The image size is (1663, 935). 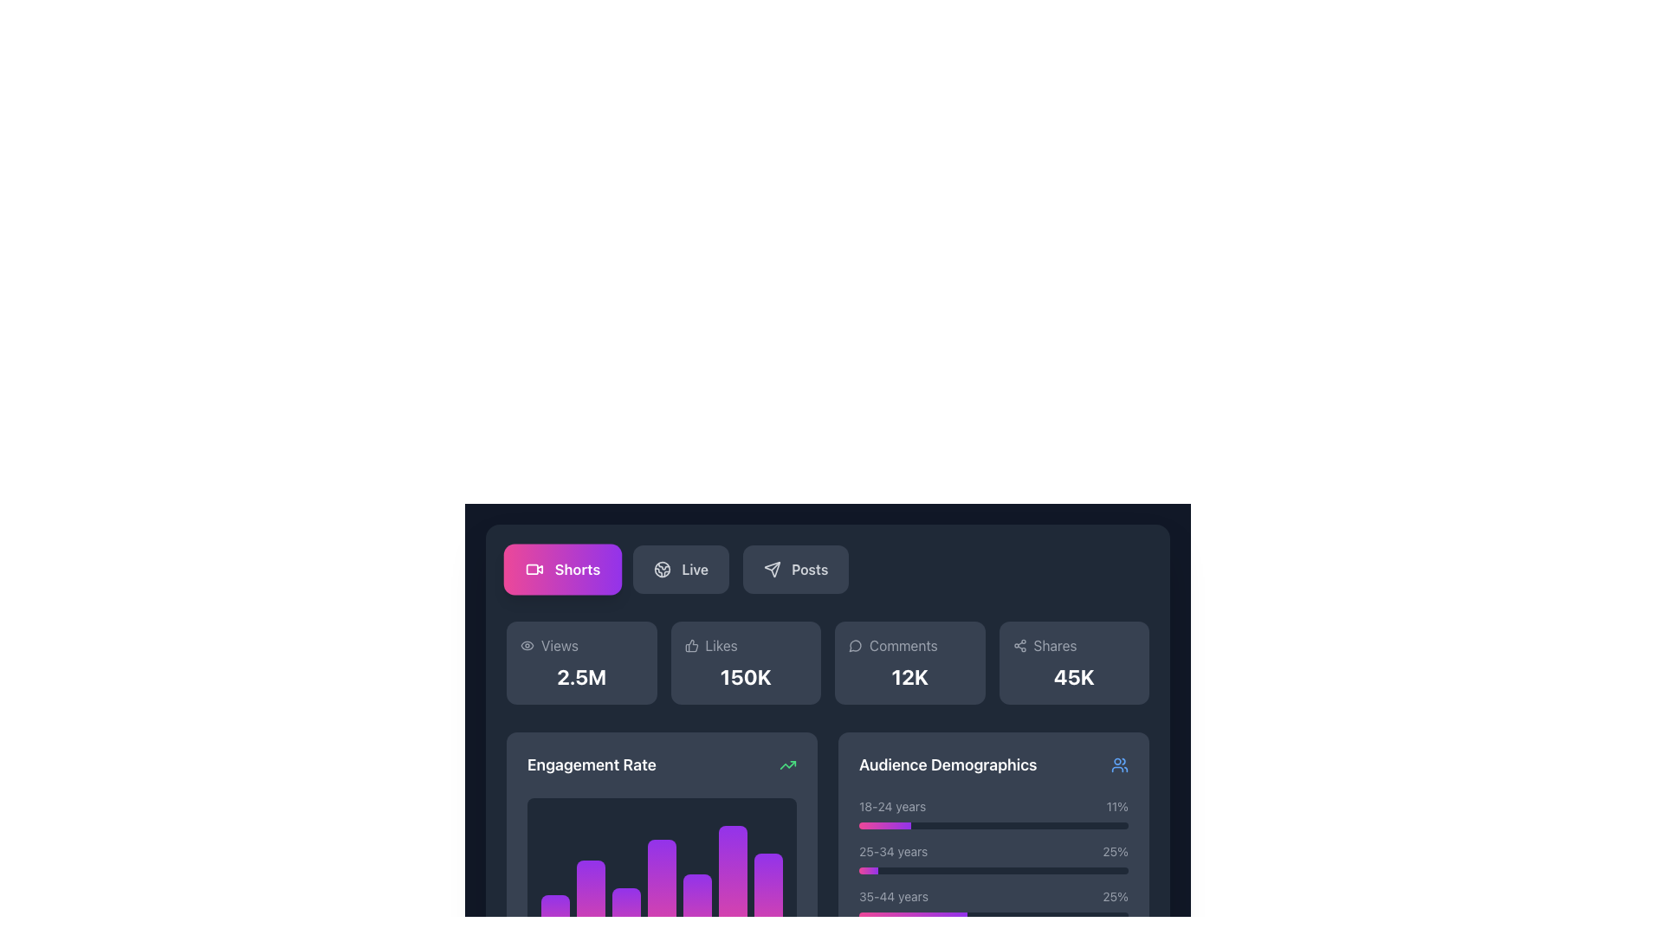 What do you see at coordinates (912, 914) in the screenshot?
I see `the gradient portion of the Progress bar that represents the '35-44 years' age group in the 'Audience Demographics' section` at bounding box center [912, 914].